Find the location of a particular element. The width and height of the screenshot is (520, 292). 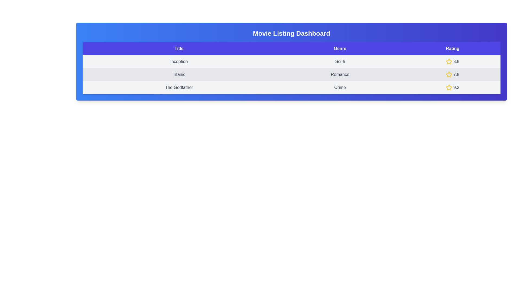

rating value displayed next to the yellow star icon, which shows '7.8' in the third column under the 'Rating' header is located at coordinates (453, 75).